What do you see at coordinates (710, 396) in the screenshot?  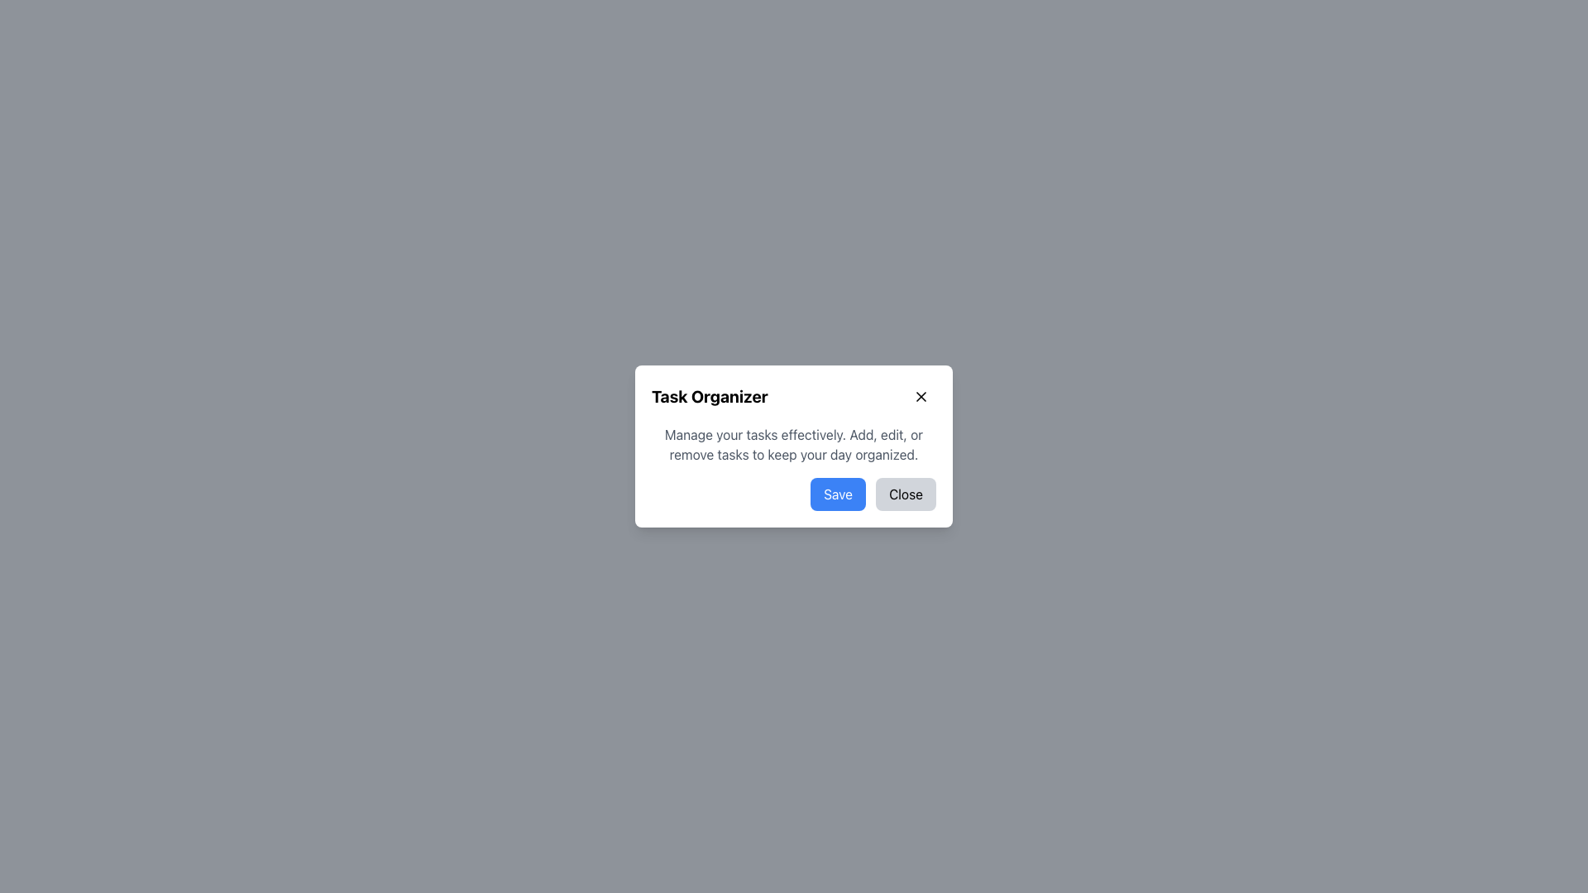 I see `the 'Task Organizer' text element, which is styled in bold and extra-large font, located in the header section of the modal dialog interface` at bounding box center [710, 396].